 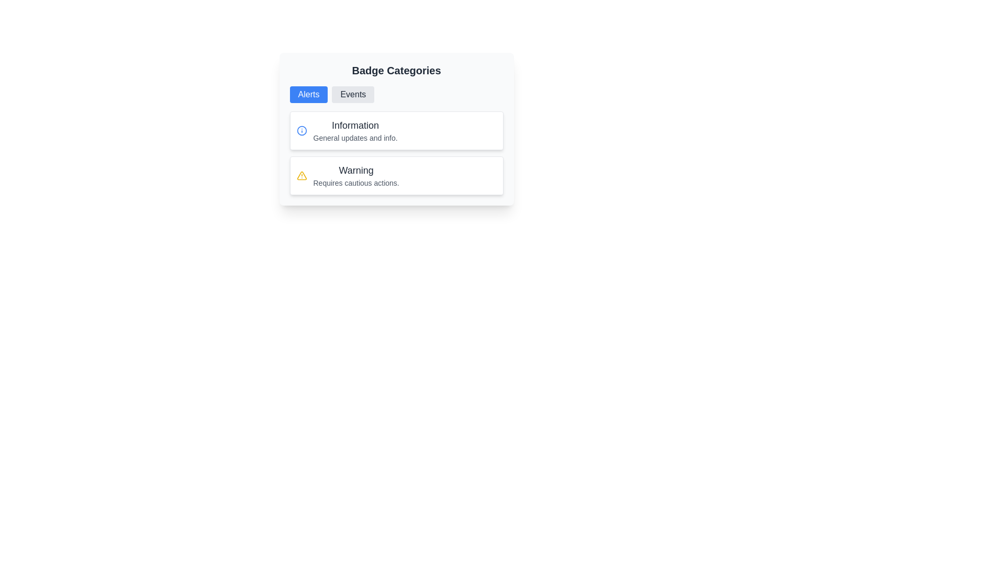 I want to click on the inactive 'Events' button with a gray background and rounded corners, located to the right of the 'Alerts' button in the Badge Categories card, so click(x=353, y=95).